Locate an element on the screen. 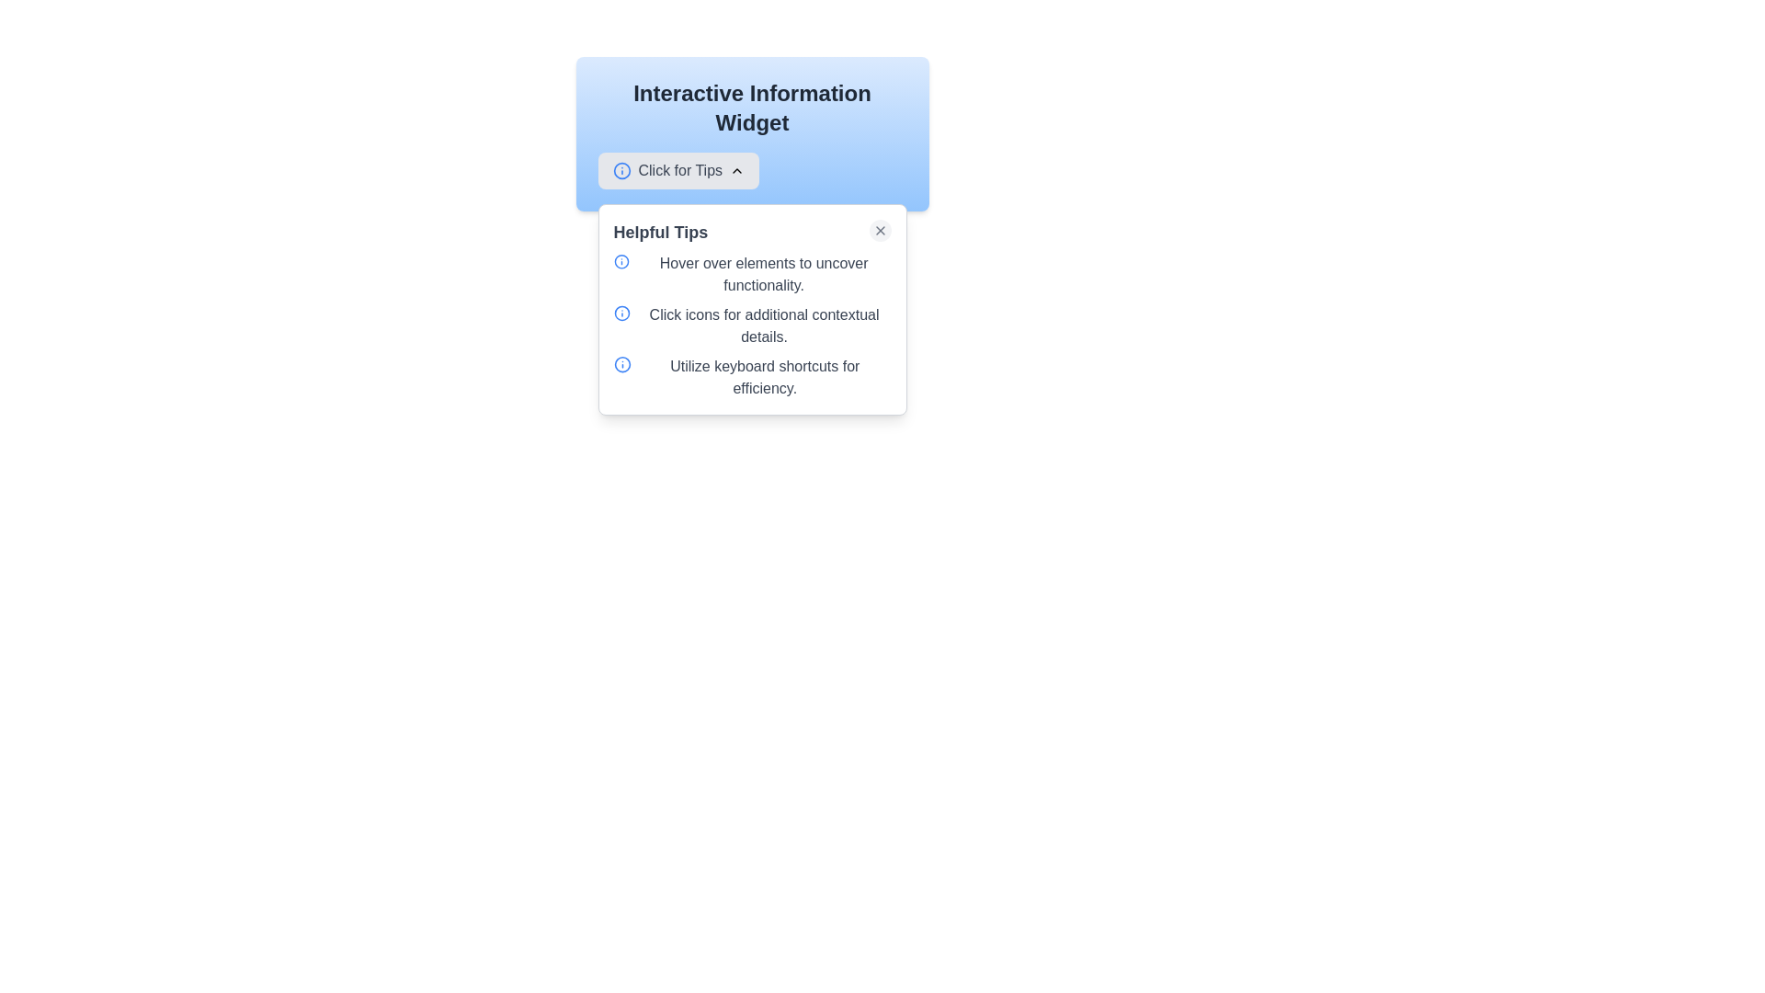 This screenshot has height=993, width=1765. the text label stating 'Click icons for additional contextual details' located in the 'Helpful Tips' section, positioned below 'Hover over elements to uncover functionality' is located at coordinates (764, 325).